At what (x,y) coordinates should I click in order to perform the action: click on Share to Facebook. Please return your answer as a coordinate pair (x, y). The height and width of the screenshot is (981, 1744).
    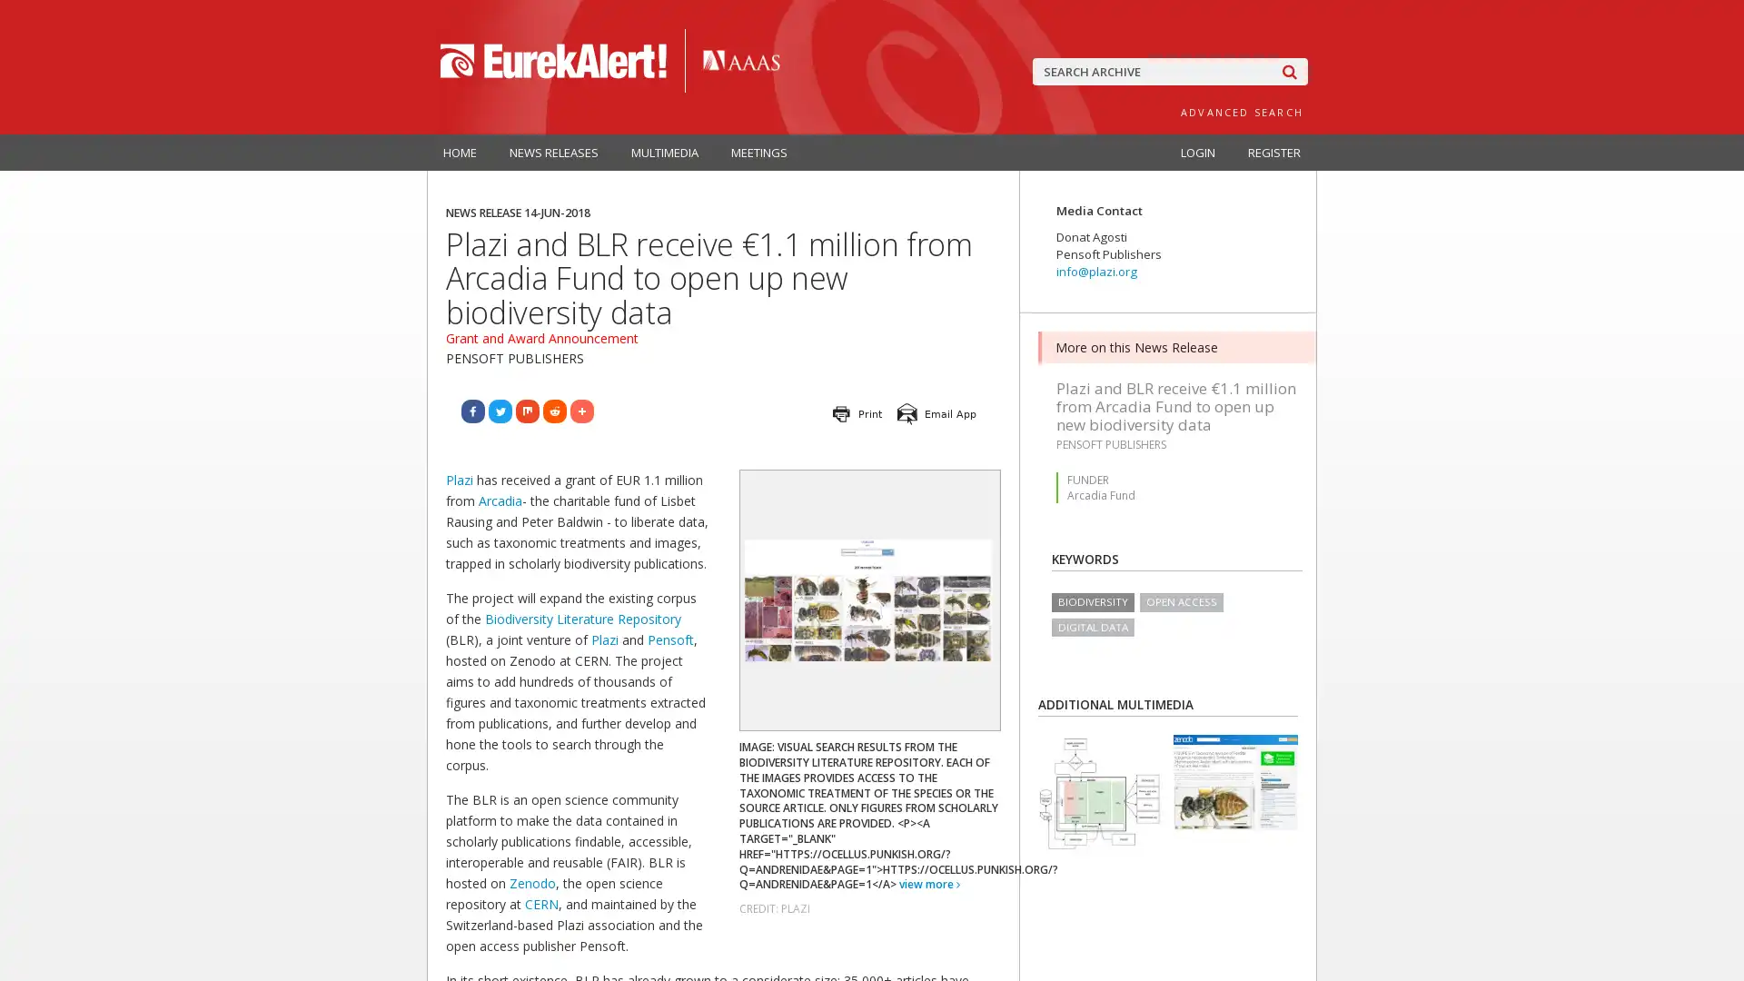
    Looking at the image, I should click on (473, 411).